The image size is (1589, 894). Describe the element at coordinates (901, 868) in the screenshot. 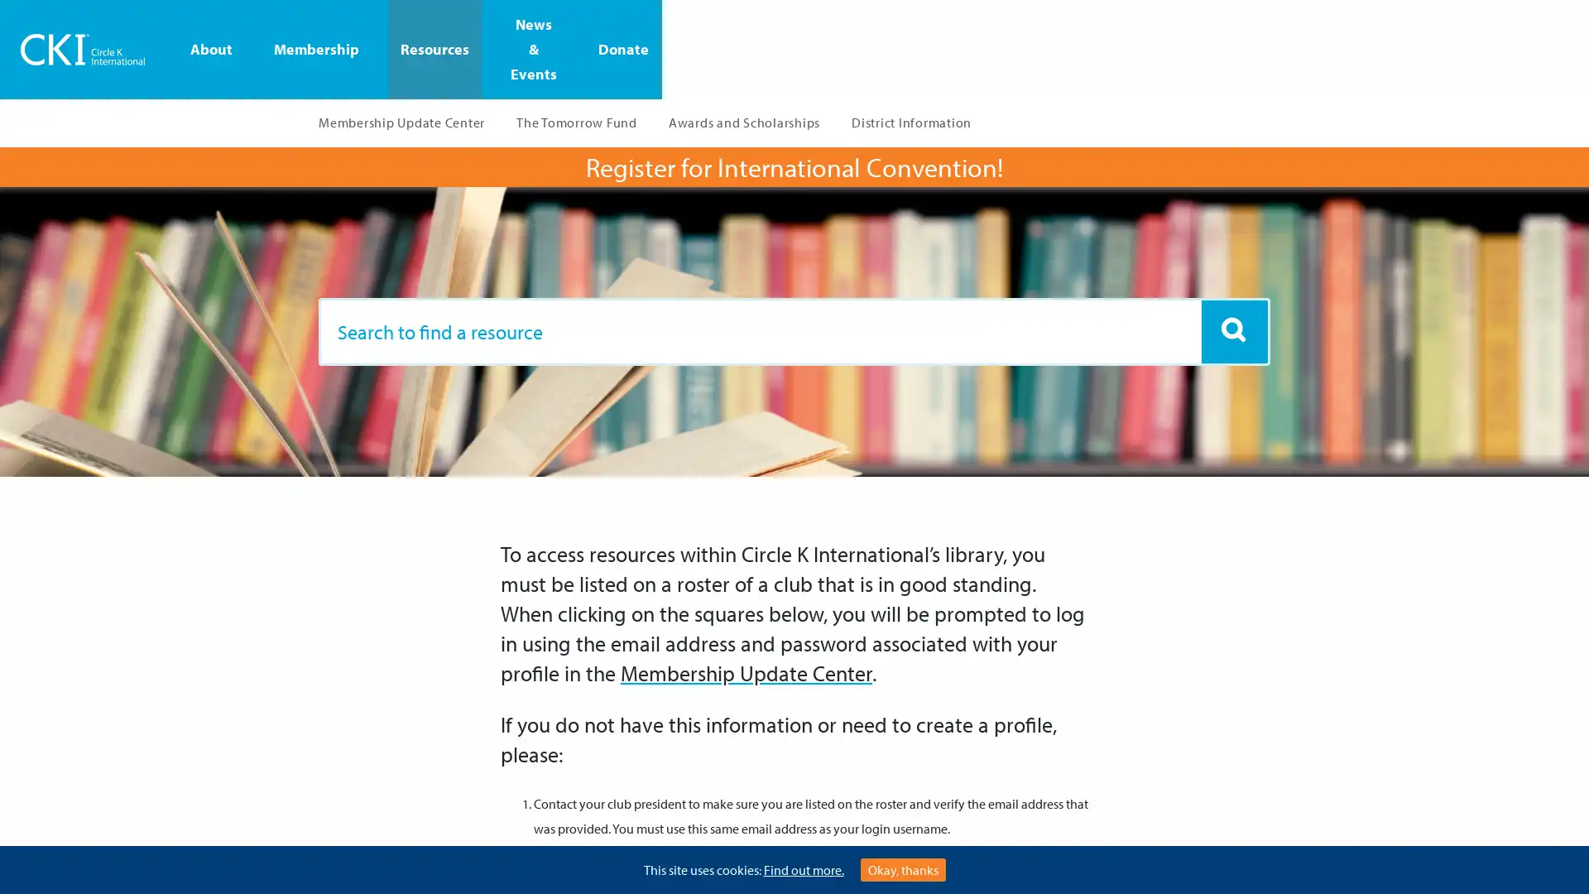

I see `Okay, thanks` at that location.